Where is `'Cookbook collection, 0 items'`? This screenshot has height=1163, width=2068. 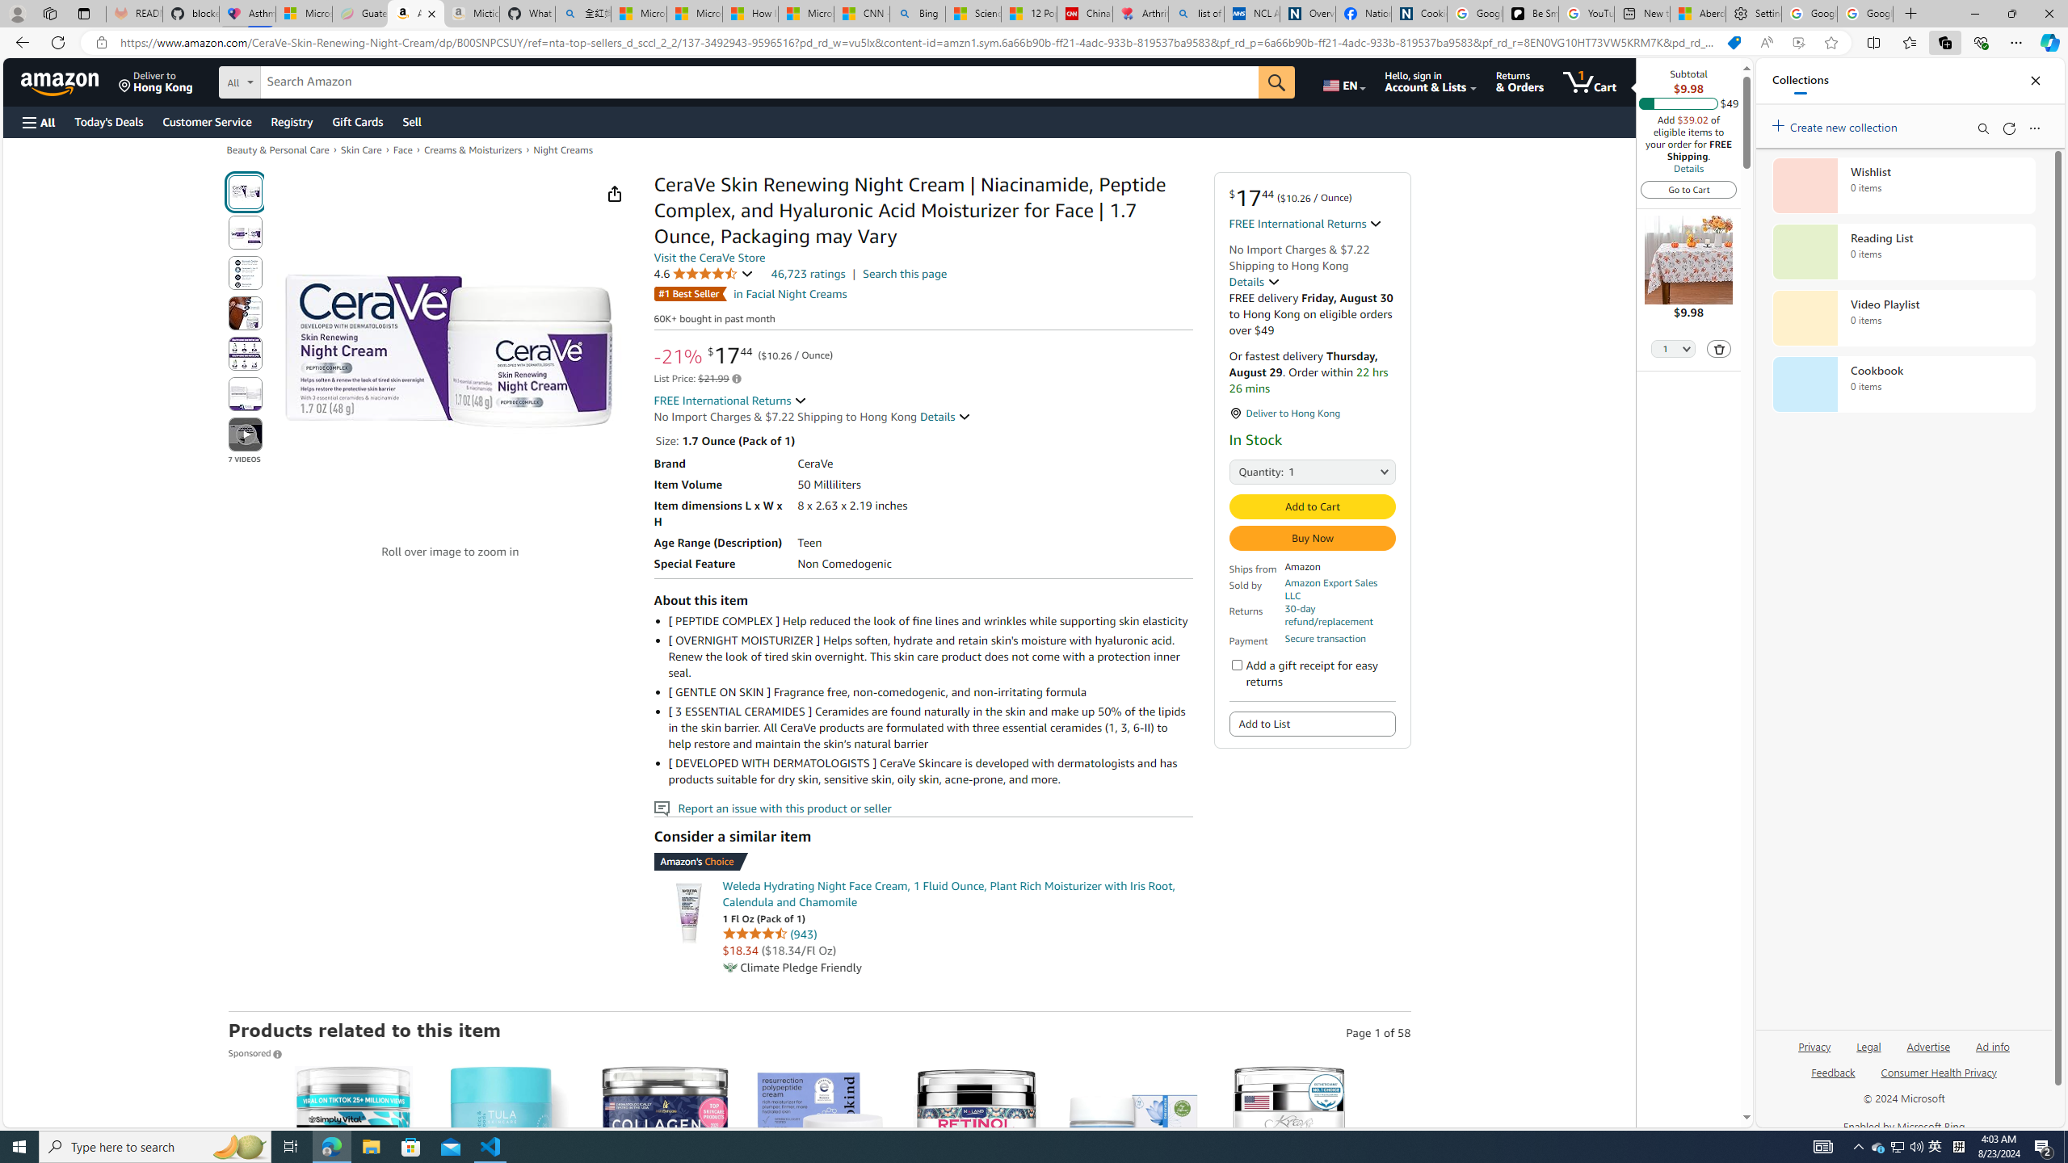 'Cookbook collection, 0 items' is located at coordinates (1903, 383).